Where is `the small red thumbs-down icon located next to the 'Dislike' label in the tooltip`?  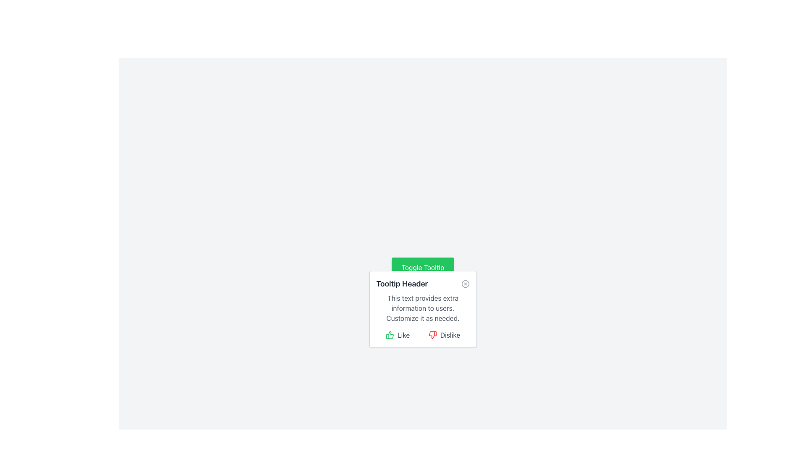
the small red thumbs-down icon located next to the 'Dislike' label in the tooltip is located at coordinates (432, 334).